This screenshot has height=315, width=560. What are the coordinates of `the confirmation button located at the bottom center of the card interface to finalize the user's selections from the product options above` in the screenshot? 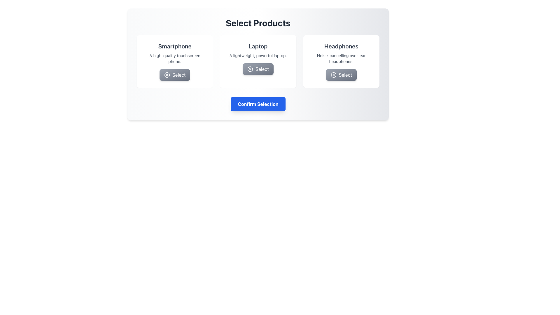 It's located at (258, 104).